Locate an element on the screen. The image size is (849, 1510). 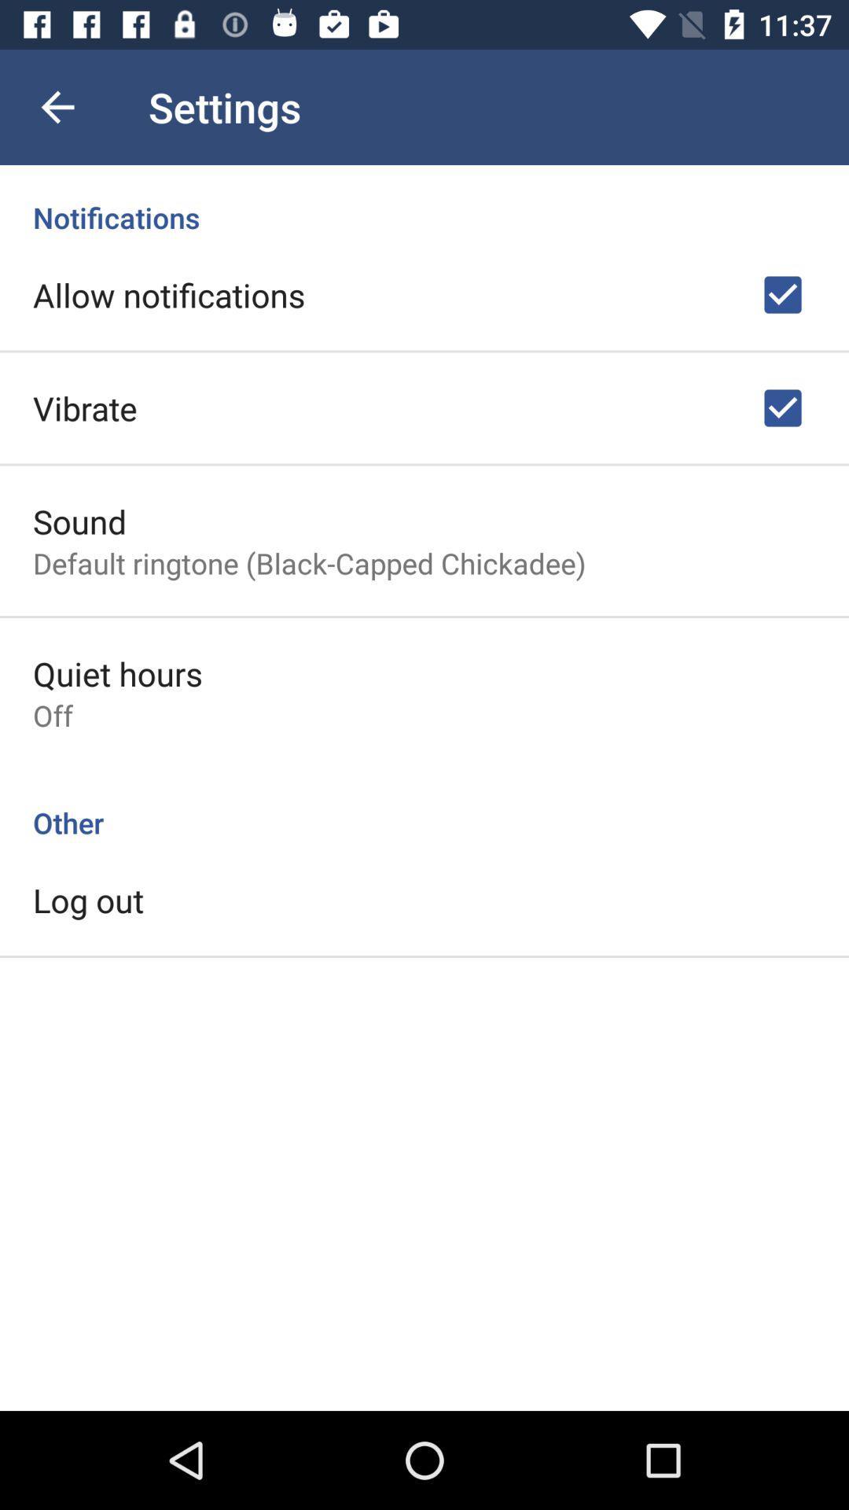
the sound icon is located at coordinates (79, 521).